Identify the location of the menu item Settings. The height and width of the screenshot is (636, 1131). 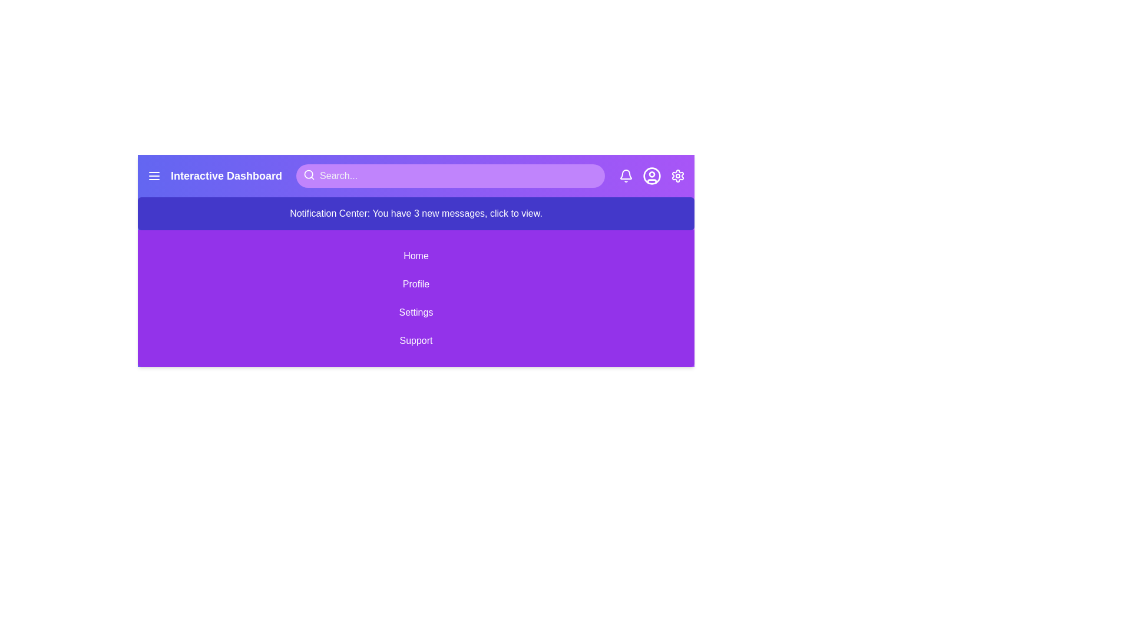
(416, 312).